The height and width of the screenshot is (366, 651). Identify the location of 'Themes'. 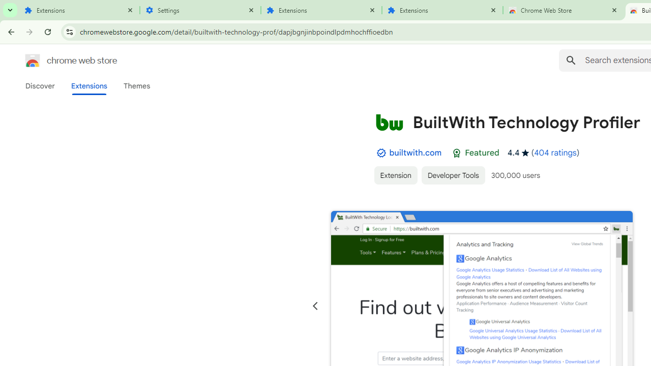
(136, 85).